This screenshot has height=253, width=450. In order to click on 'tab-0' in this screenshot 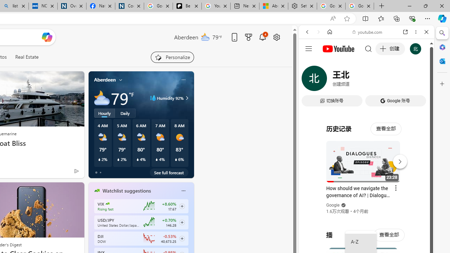, I will do `click(96, 173)`.